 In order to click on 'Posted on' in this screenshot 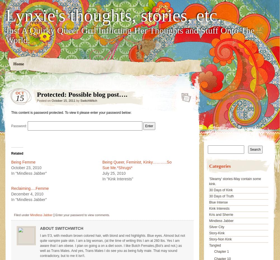, I will do `click(44, 100)`.